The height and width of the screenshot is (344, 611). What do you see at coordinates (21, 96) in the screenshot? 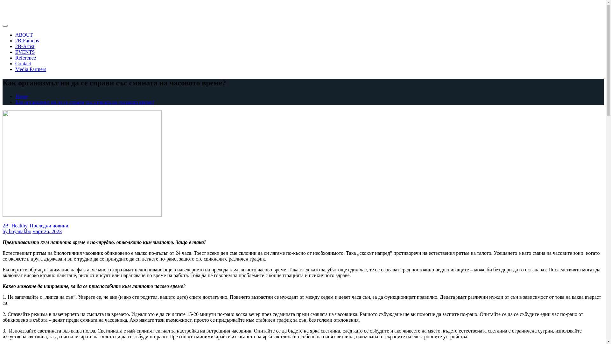
I see `'Home'` at bounding box center [21, 96].